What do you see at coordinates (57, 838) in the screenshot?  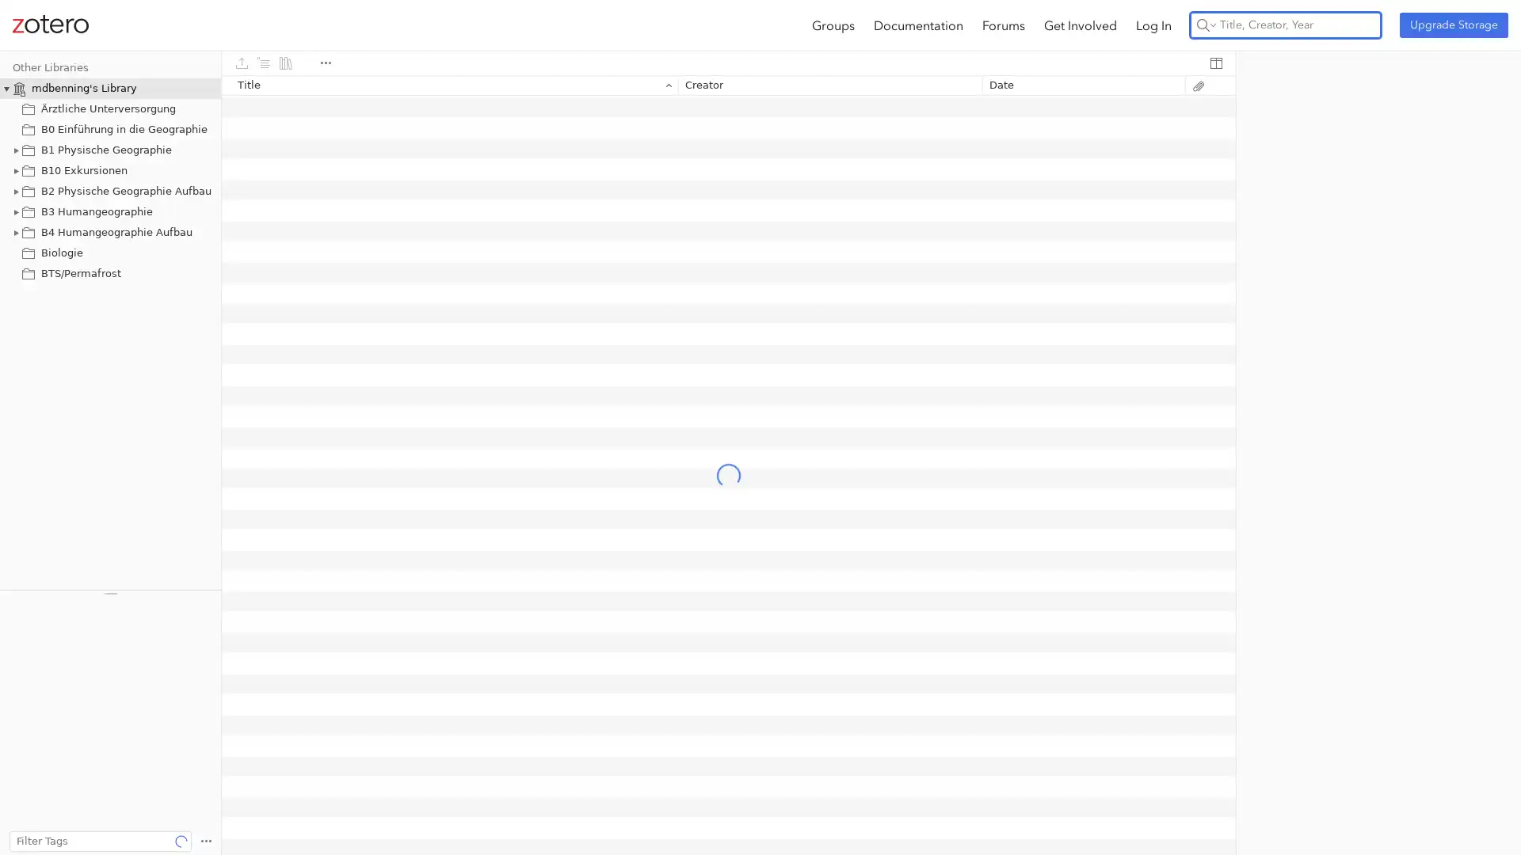 I see `Gesundheitswesen` at bounding box center [57, 838].